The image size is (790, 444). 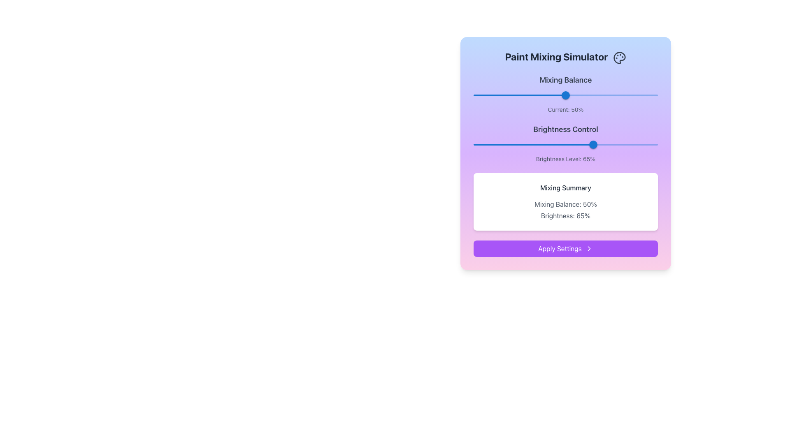 I want to click on Mixing Balance, so click(x=565, y=95).